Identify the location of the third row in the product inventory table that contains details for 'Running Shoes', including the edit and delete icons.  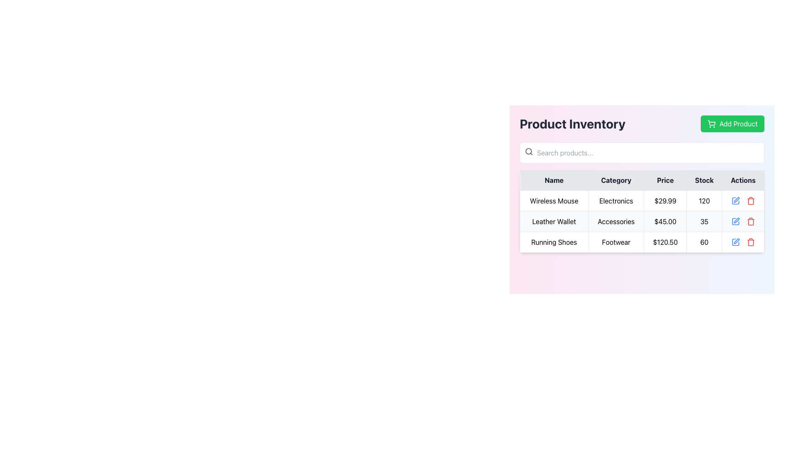
(641, 242).